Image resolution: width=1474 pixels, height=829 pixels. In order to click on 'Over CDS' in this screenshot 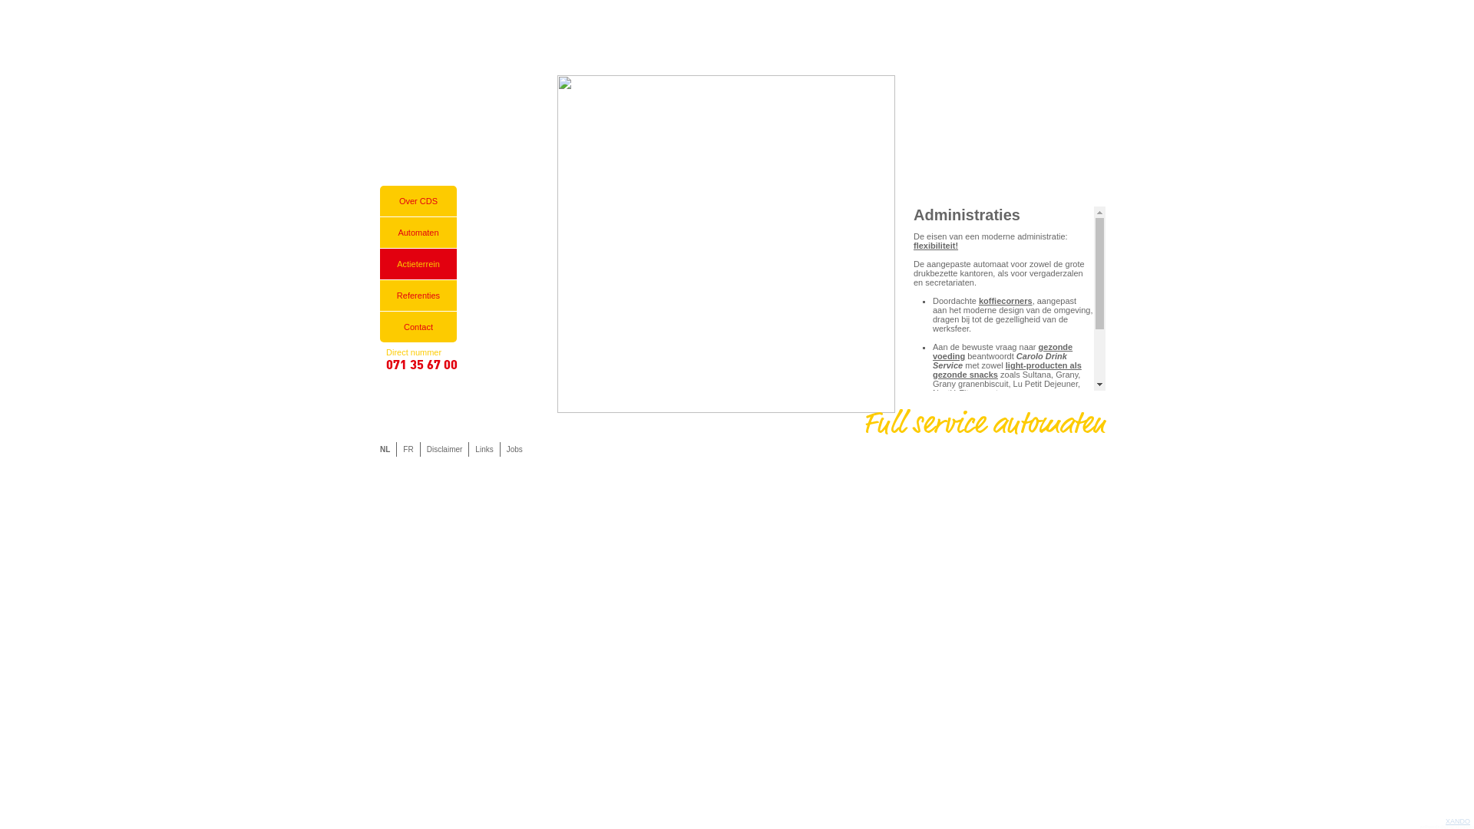, I will do `click(379, 200)`.